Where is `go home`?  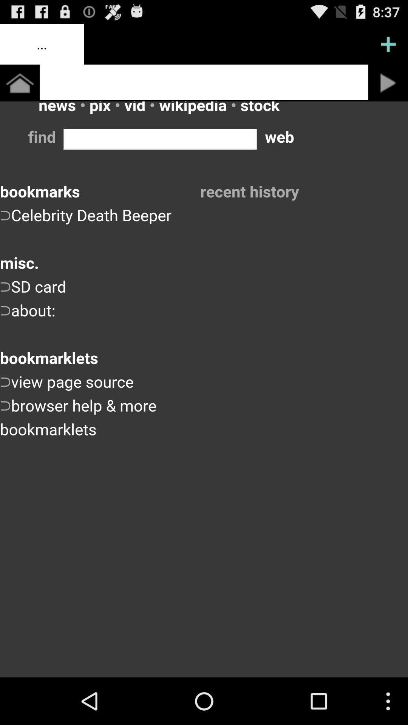 go home is located at coordinates (19, 83).